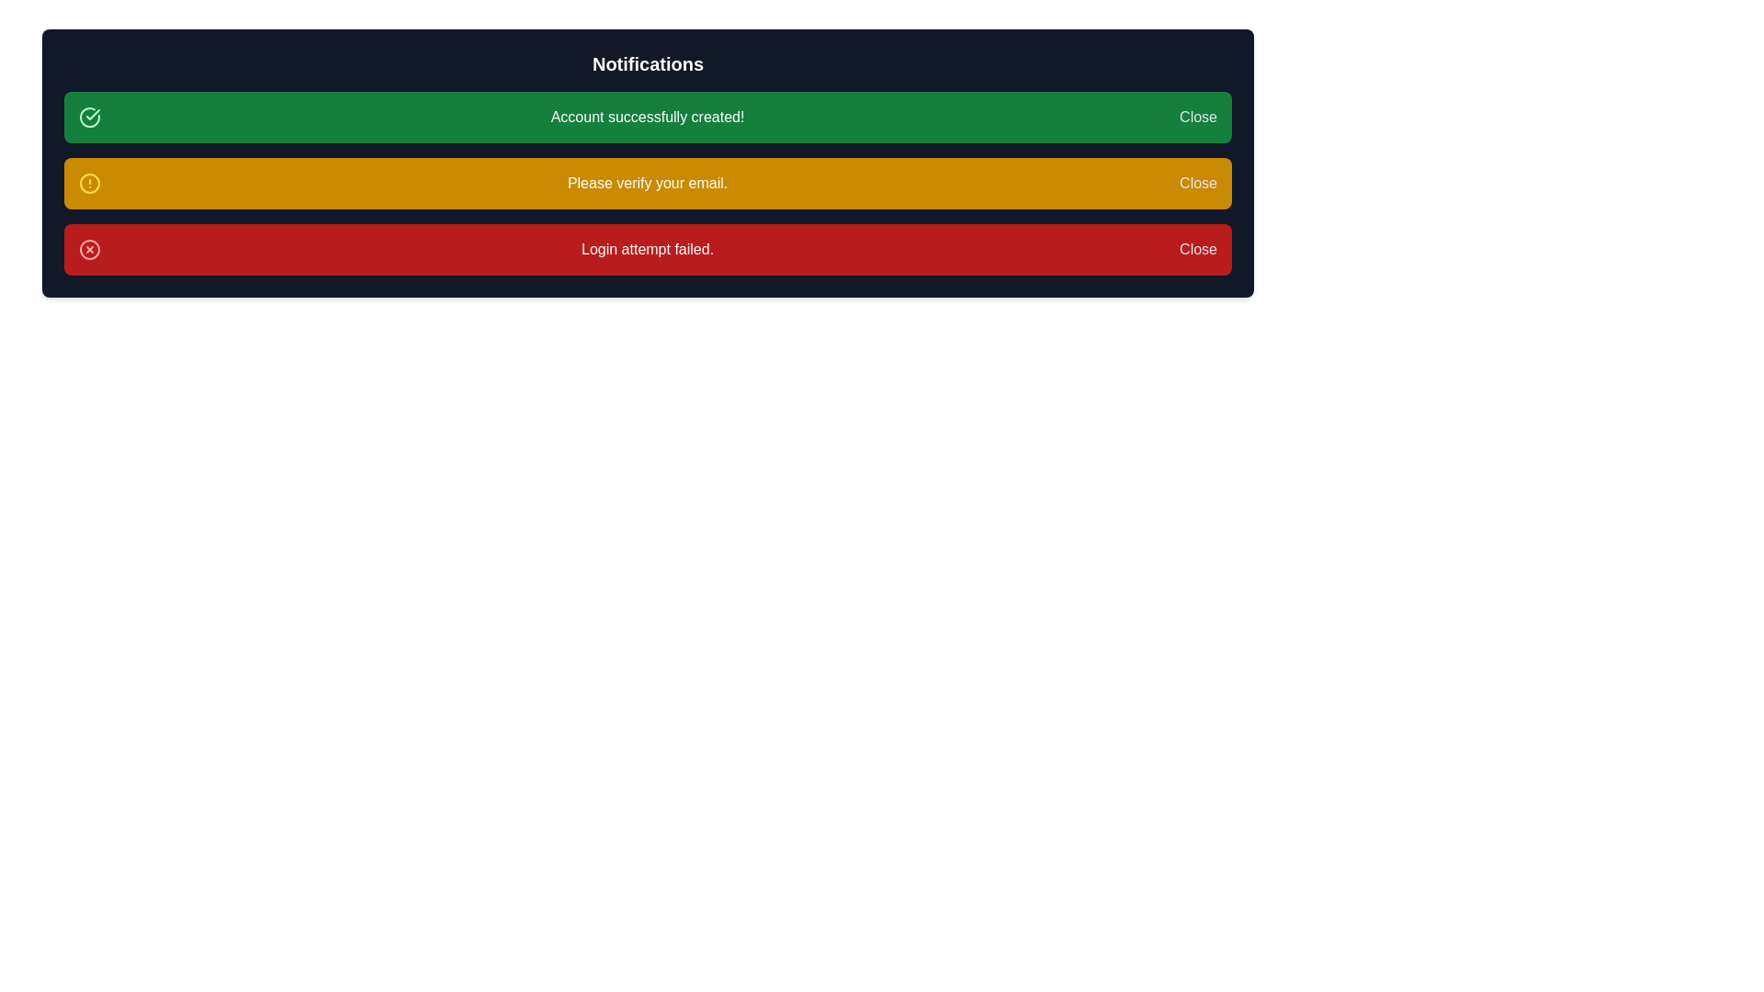  I want to click on the 'Close' button located on the far right side of the notification panel, so click(1198, 184).